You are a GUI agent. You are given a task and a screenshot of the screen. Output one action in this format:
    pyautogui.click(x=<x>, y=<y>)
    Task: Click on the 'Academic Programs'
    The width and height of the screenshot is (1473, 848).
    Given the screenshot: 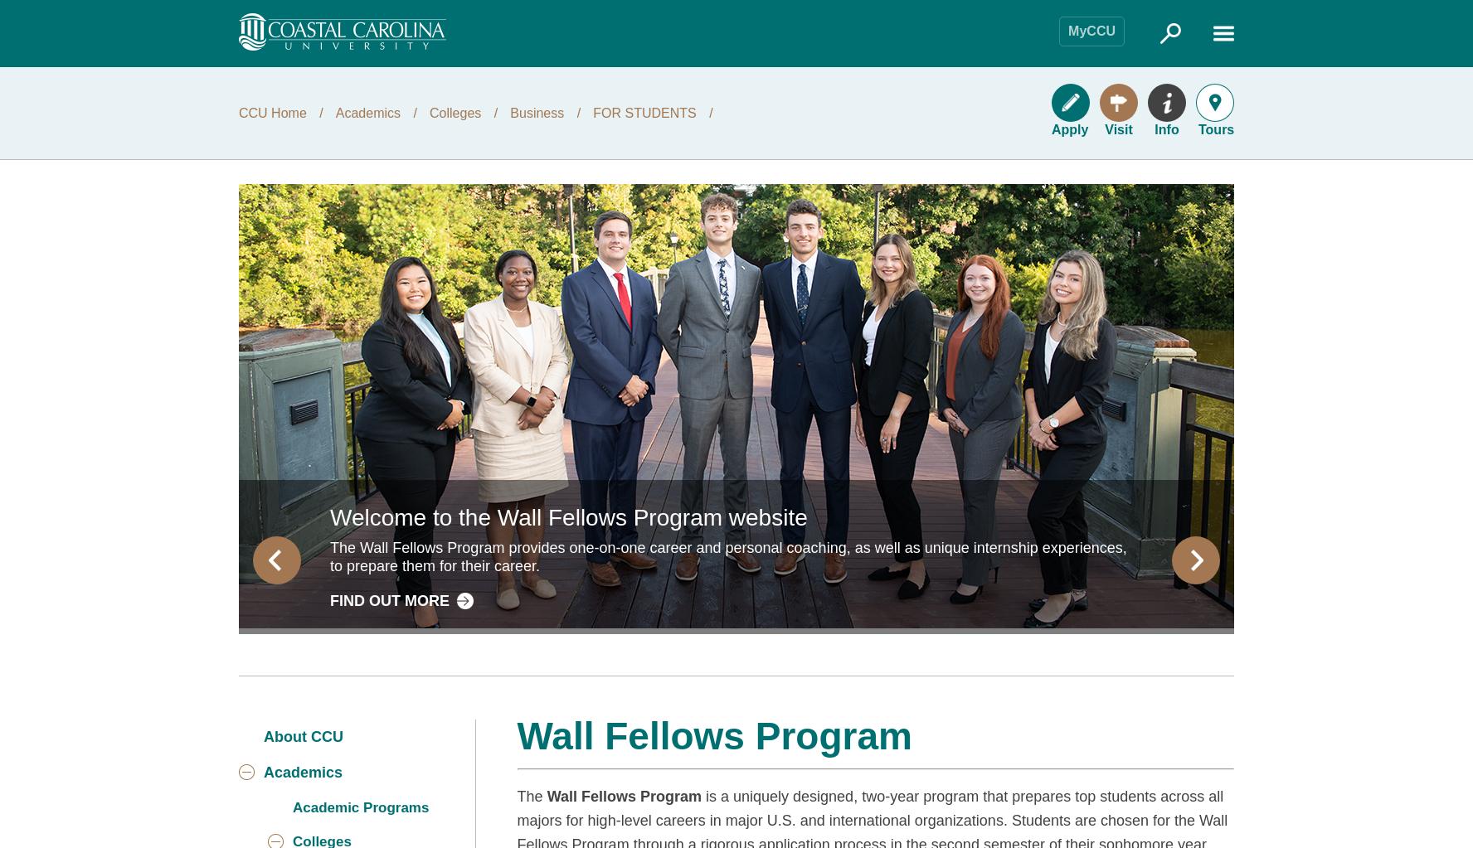 What is the action you would take?
    pyautogui.click(x=360, y=807)
    